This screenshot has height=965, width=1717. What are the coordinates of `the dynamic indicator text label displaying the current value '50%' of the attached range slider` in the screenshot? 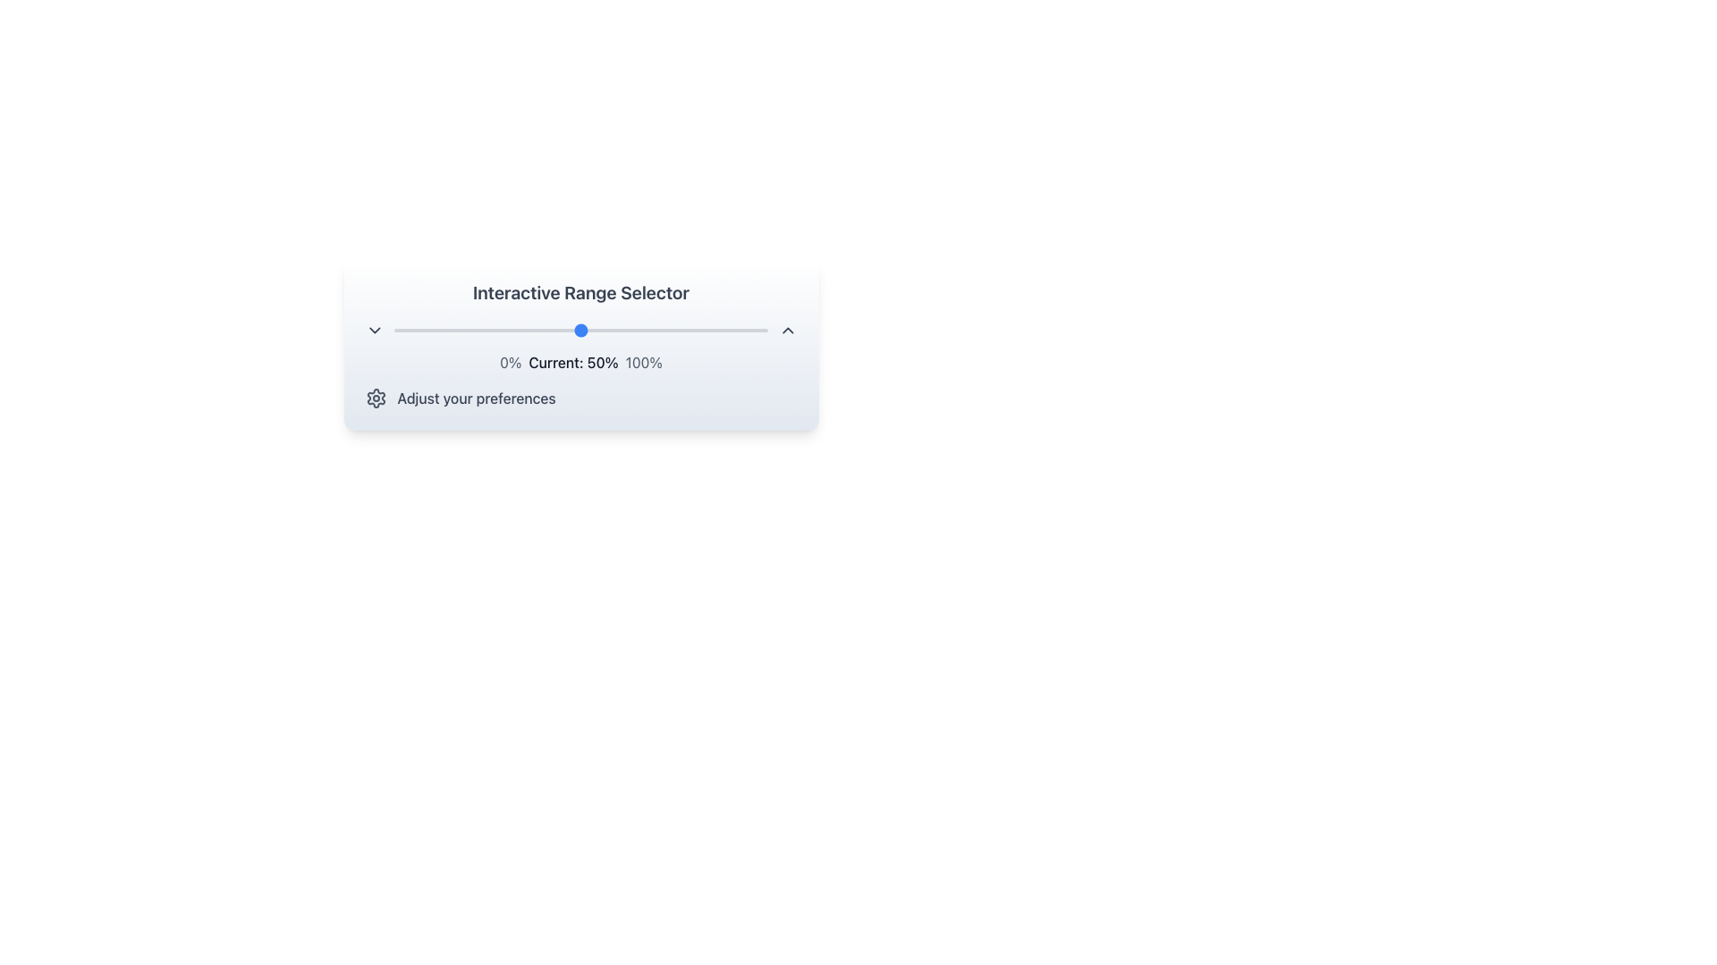 It's located at (573, 362).